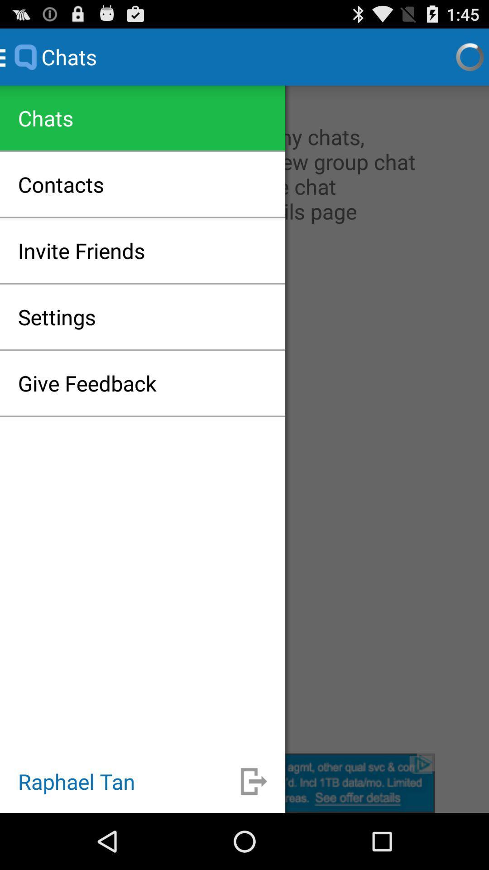 The image size is (489, 870). I want to click on expandable icon, so click(254, 781).